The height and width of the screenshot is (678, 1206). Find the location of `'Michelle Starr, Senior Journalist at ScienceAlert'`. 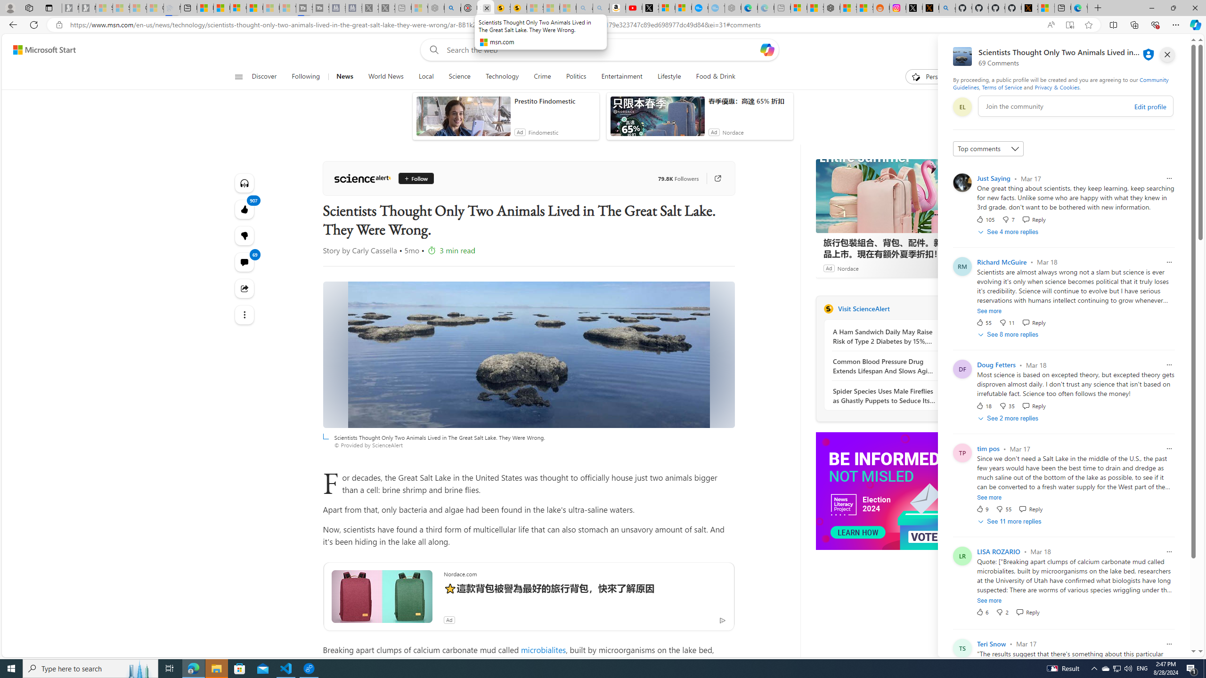

'Michelle Starr, Senior Journalist at ScienceAlert' is located at coordinates (518, 8).